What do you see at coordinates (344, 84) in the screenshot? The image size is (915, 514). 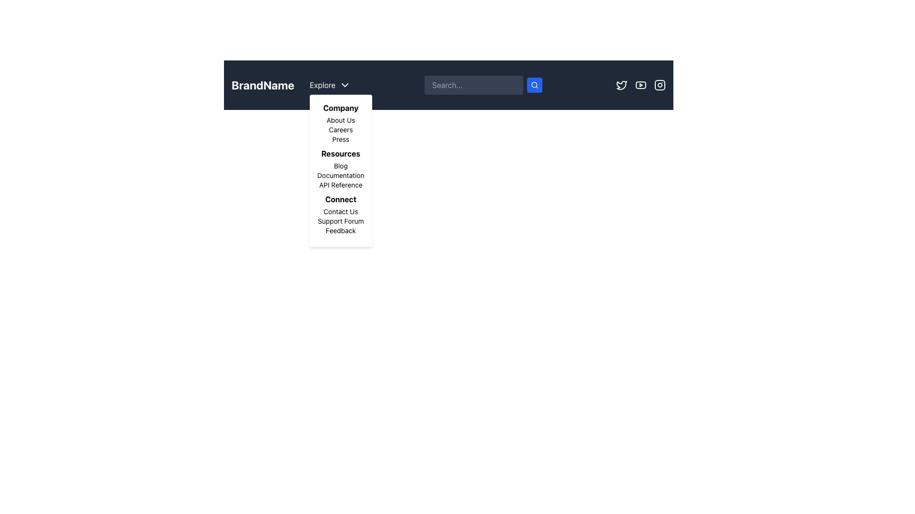 I see `the downward-pointing chevron icon located next to the 'Explore' text in the navigation bar` at bounding box center [344, 84].